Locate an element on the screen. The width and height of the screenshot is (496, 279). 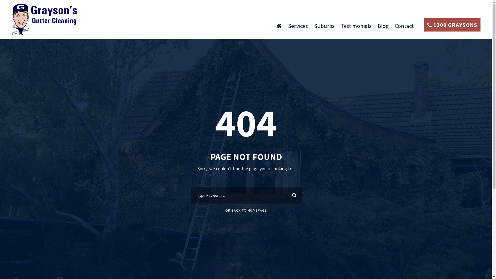
'Search' is located at coordinates (293, 195).